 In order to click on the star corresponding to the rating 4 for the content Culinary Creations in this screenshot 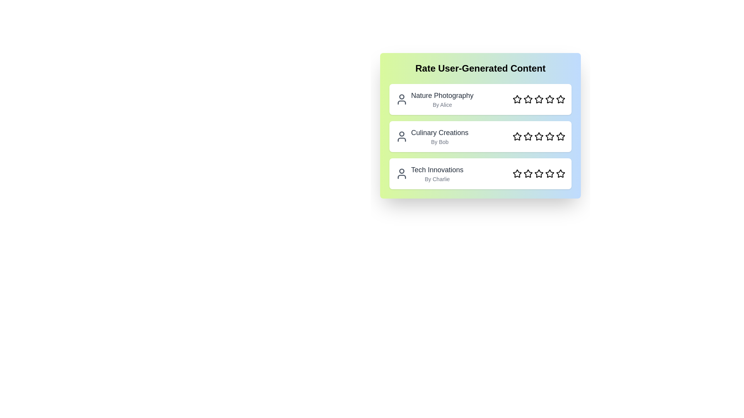, I will do `click(549, 136)`.